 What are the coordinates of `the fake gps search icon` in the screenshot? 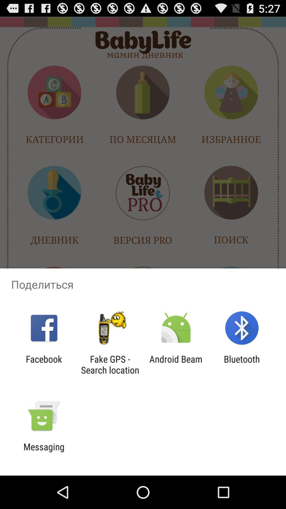 It's located at (110, 364).